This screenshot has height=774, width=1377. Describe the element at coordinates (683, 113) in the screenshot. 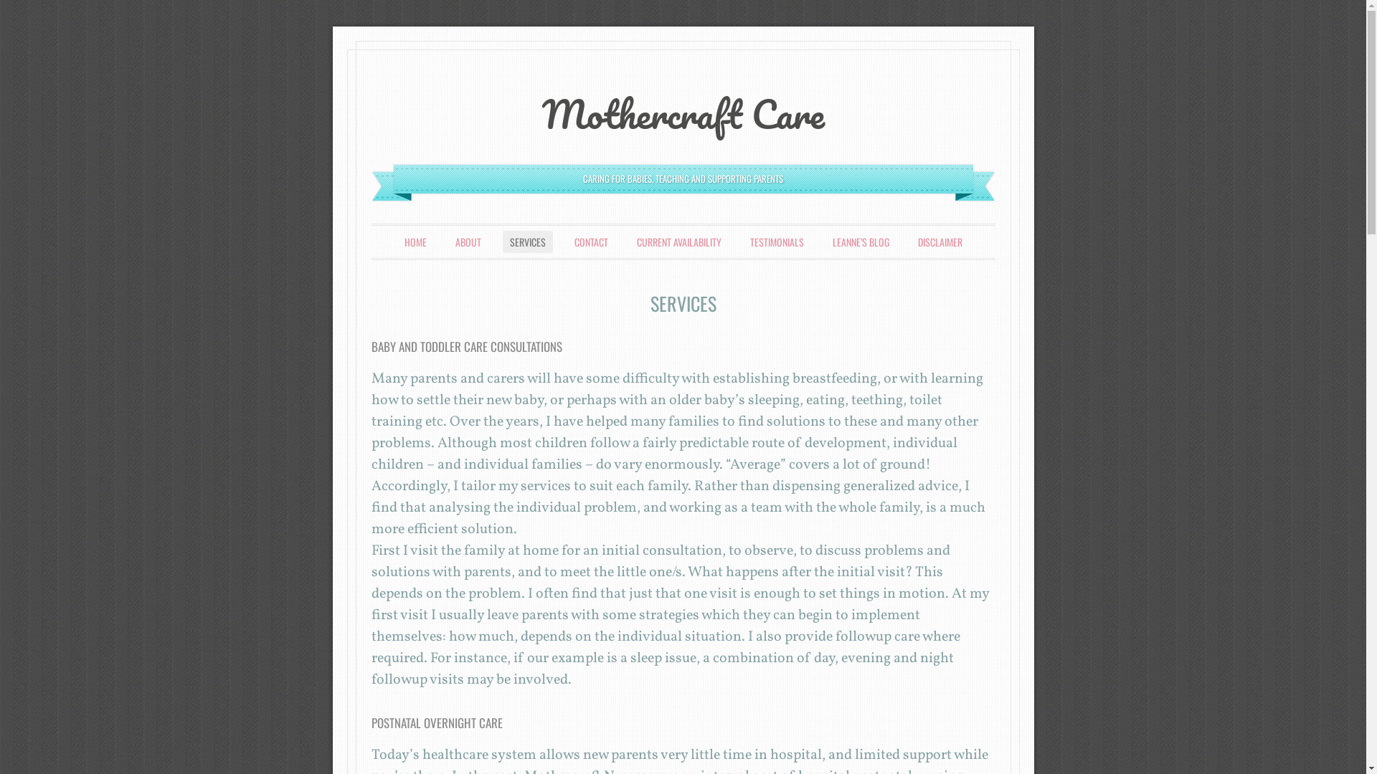

I see `'Mothercraft Care'` at that location.